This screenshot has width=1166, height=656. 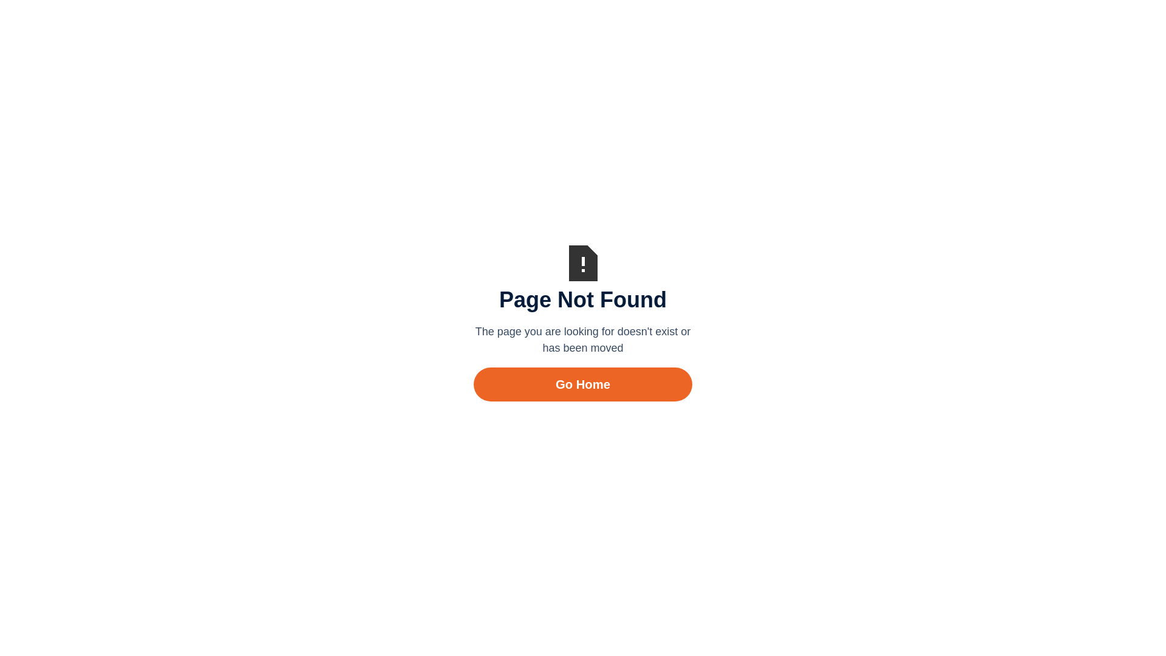 I want to click on 'Go Home', so click(x=583, y=384).